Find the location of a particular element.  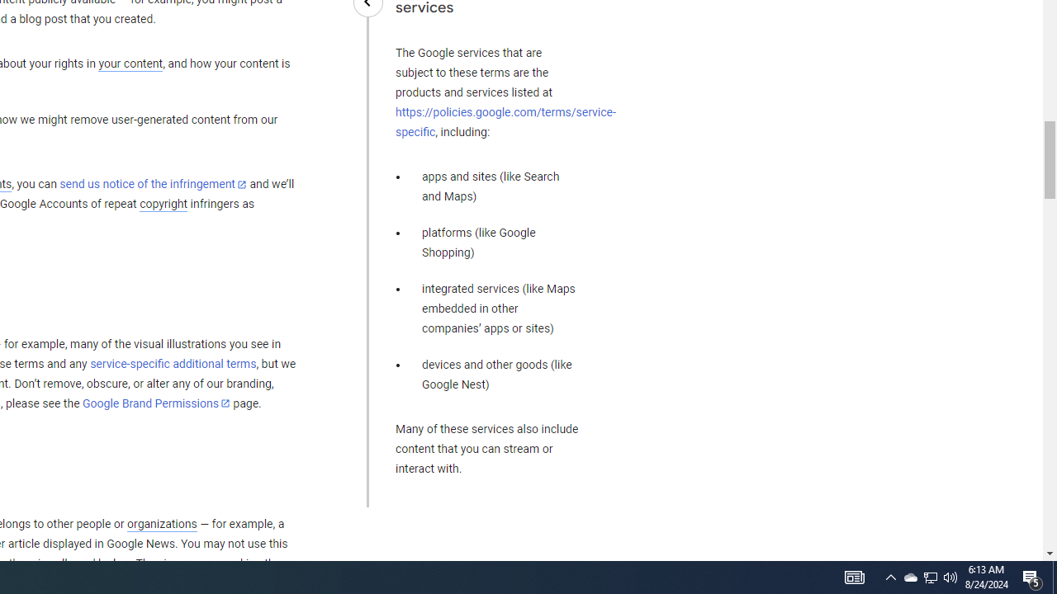

'copyright' is located at coordinates (164, 204).